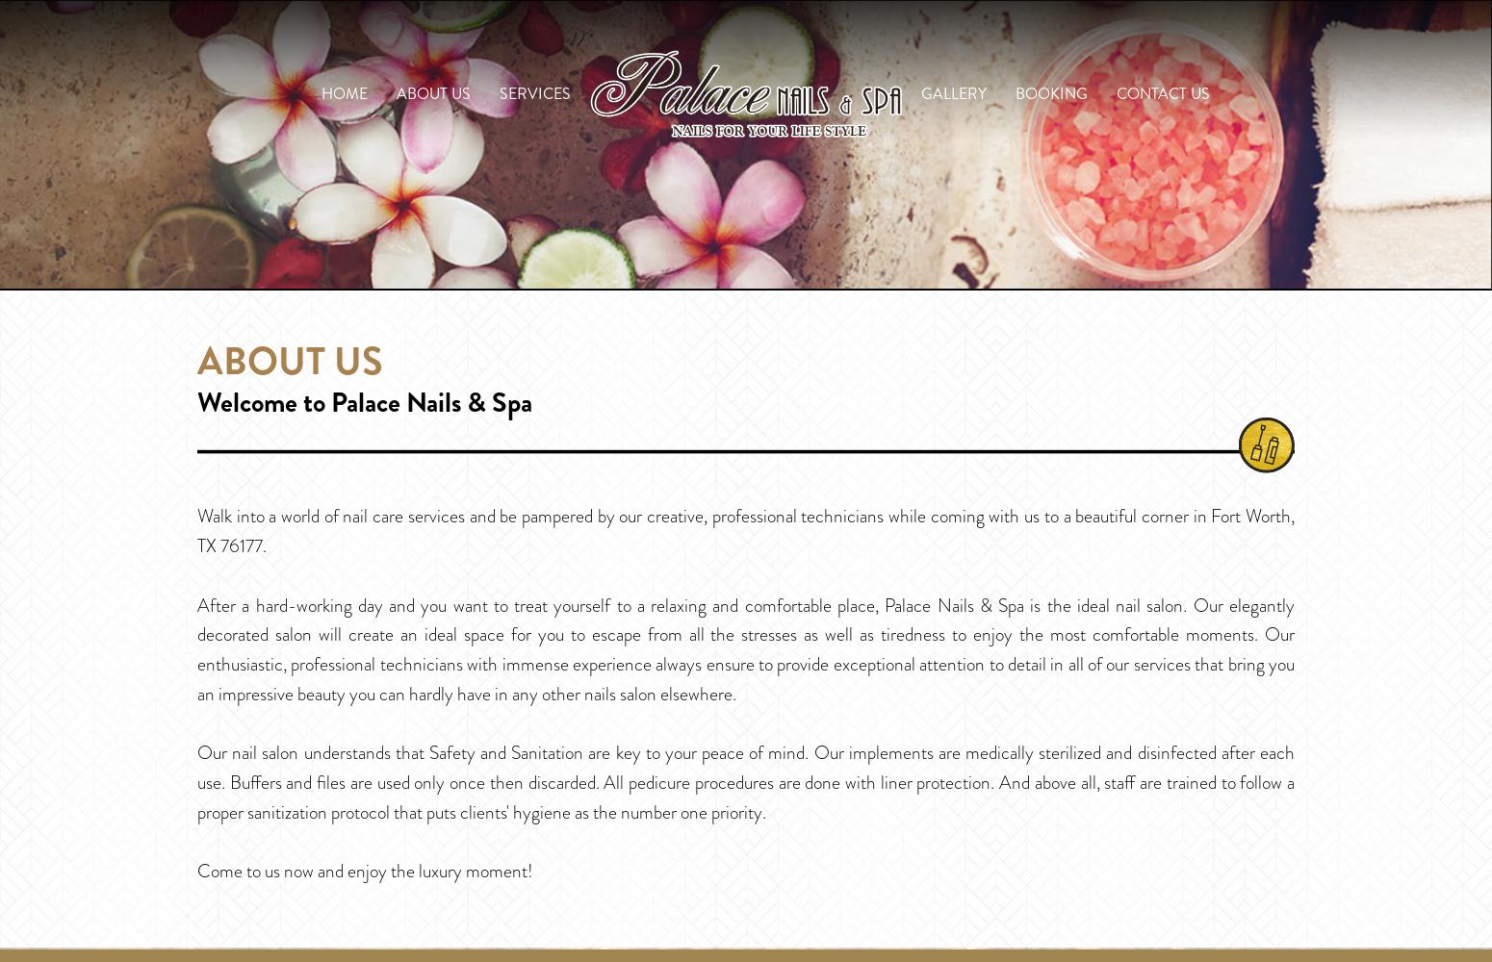 This screenshot has height=962, width=1492. Describe the element at coordinates (534, 92) in the screenshot. I see `'Services'` at that location.